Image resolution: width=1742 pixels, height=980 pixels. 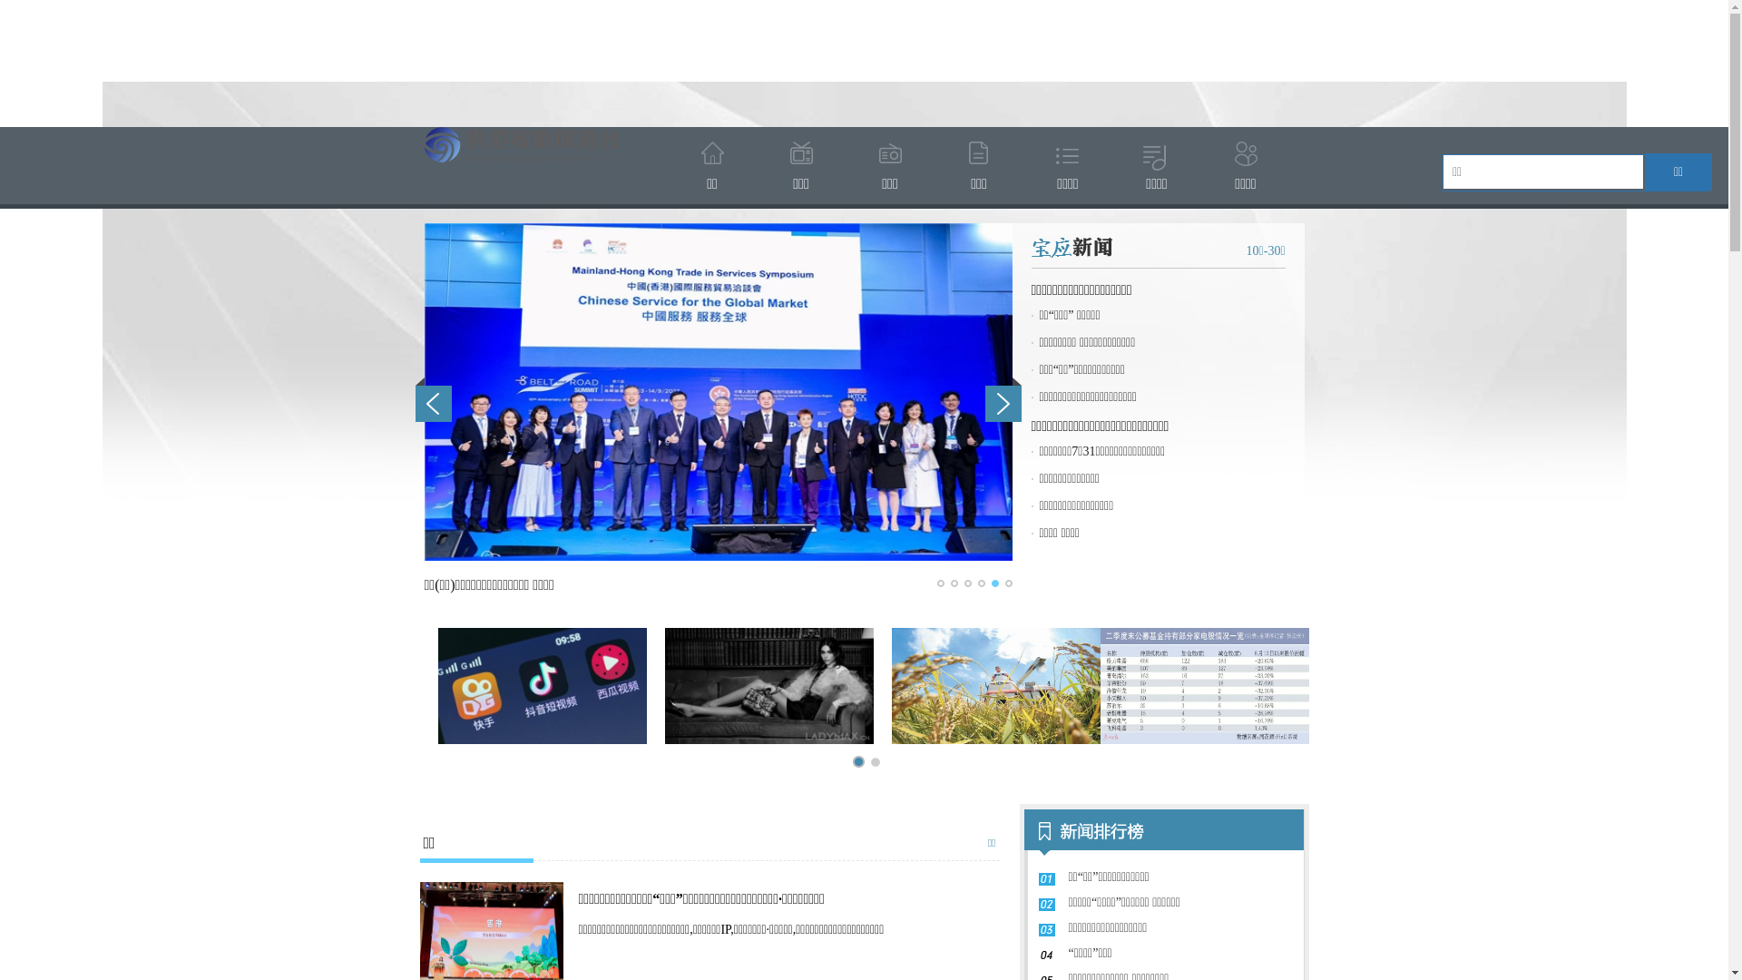 What do you see at coordinates (993, 583) in the screenshot?
I see `'5'` at bounding box center [993, 583].